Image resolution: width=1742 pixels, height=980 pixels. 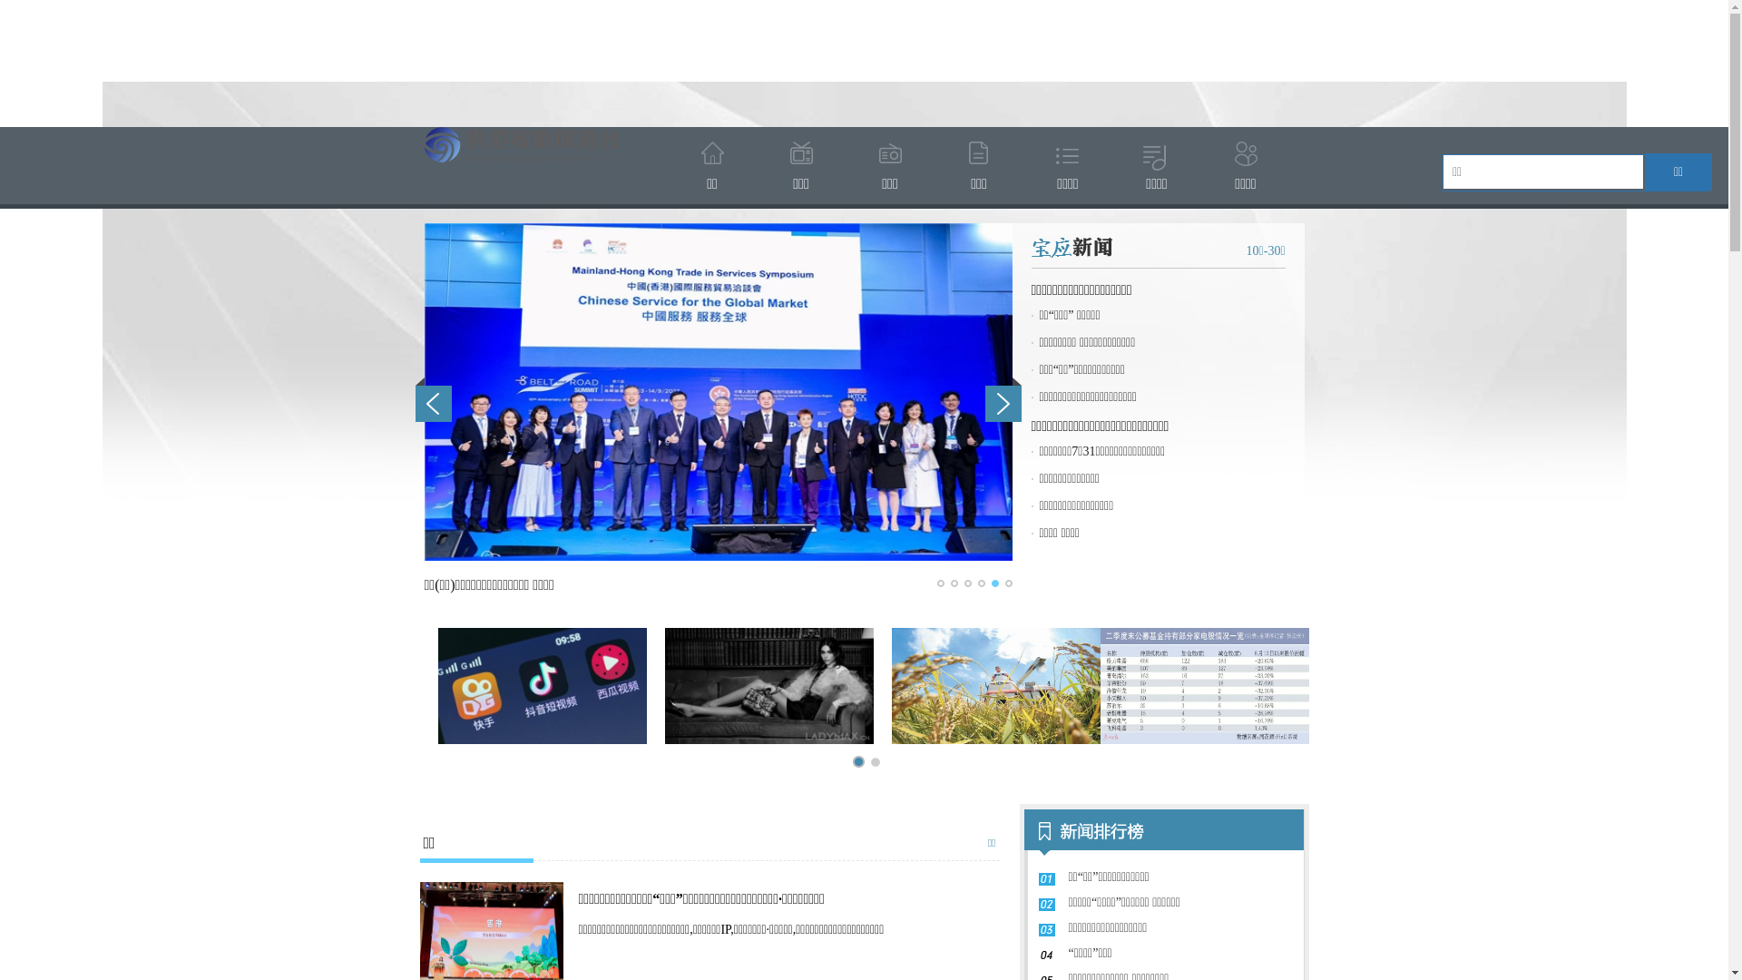 What do you see at coordinates (993, 583) in the screenshot?
I see `'5'` at bounding box center [993, 583].